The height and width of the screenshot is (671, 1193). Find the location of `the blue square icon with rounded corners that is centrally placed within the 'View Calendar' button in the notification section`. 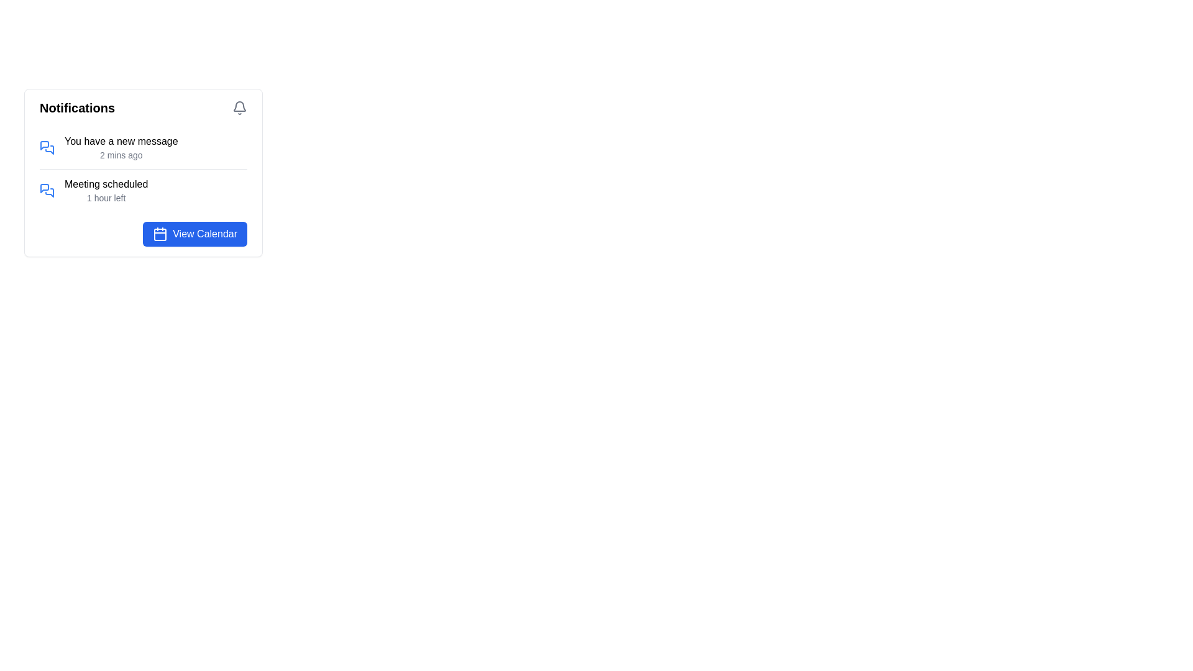

the blue square icon with rounded corners that is centrally placed within the 'View Calendar' button in the notification section is located at coordinates (160, 235).